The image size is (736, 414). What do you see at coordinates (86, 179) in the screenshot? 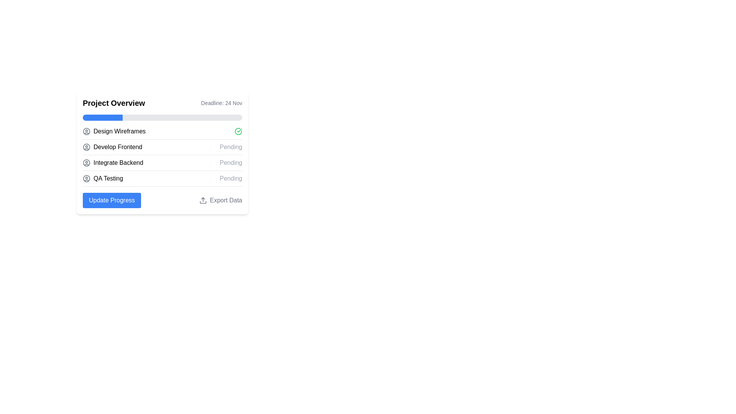
I see `the user profile icon located at the leftmost part of the 'QA Testing' entry in the 'Project Overview' section` at bounding box center [86, 179].